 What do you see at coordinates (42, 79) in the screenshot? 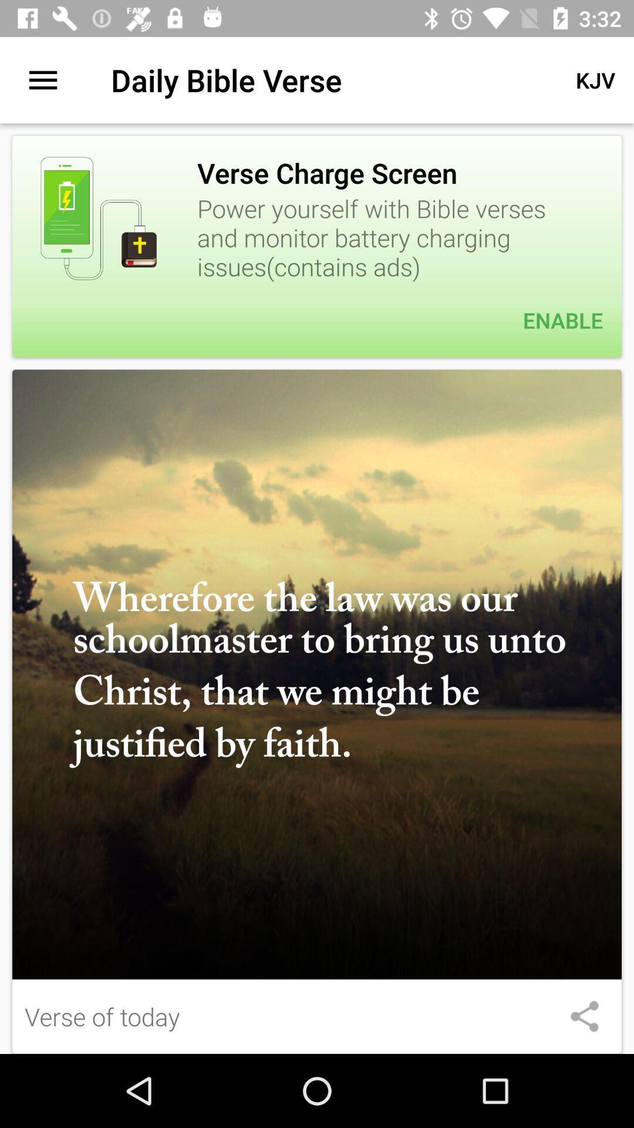
I see `icon next to the daily bible verse app` at bounding box center [42, 79].